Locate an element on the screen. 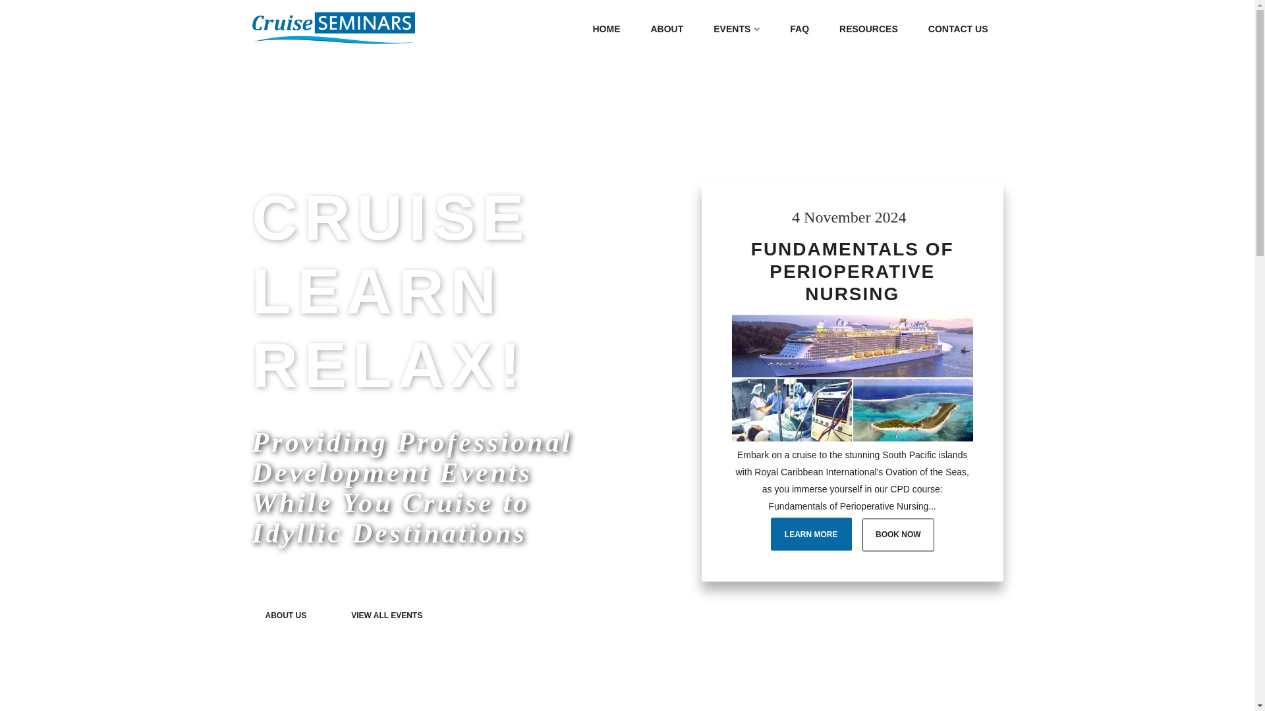 This screenshot has height=711, width=1265. 'ABOUT US' is located at coordinates (285, 614).